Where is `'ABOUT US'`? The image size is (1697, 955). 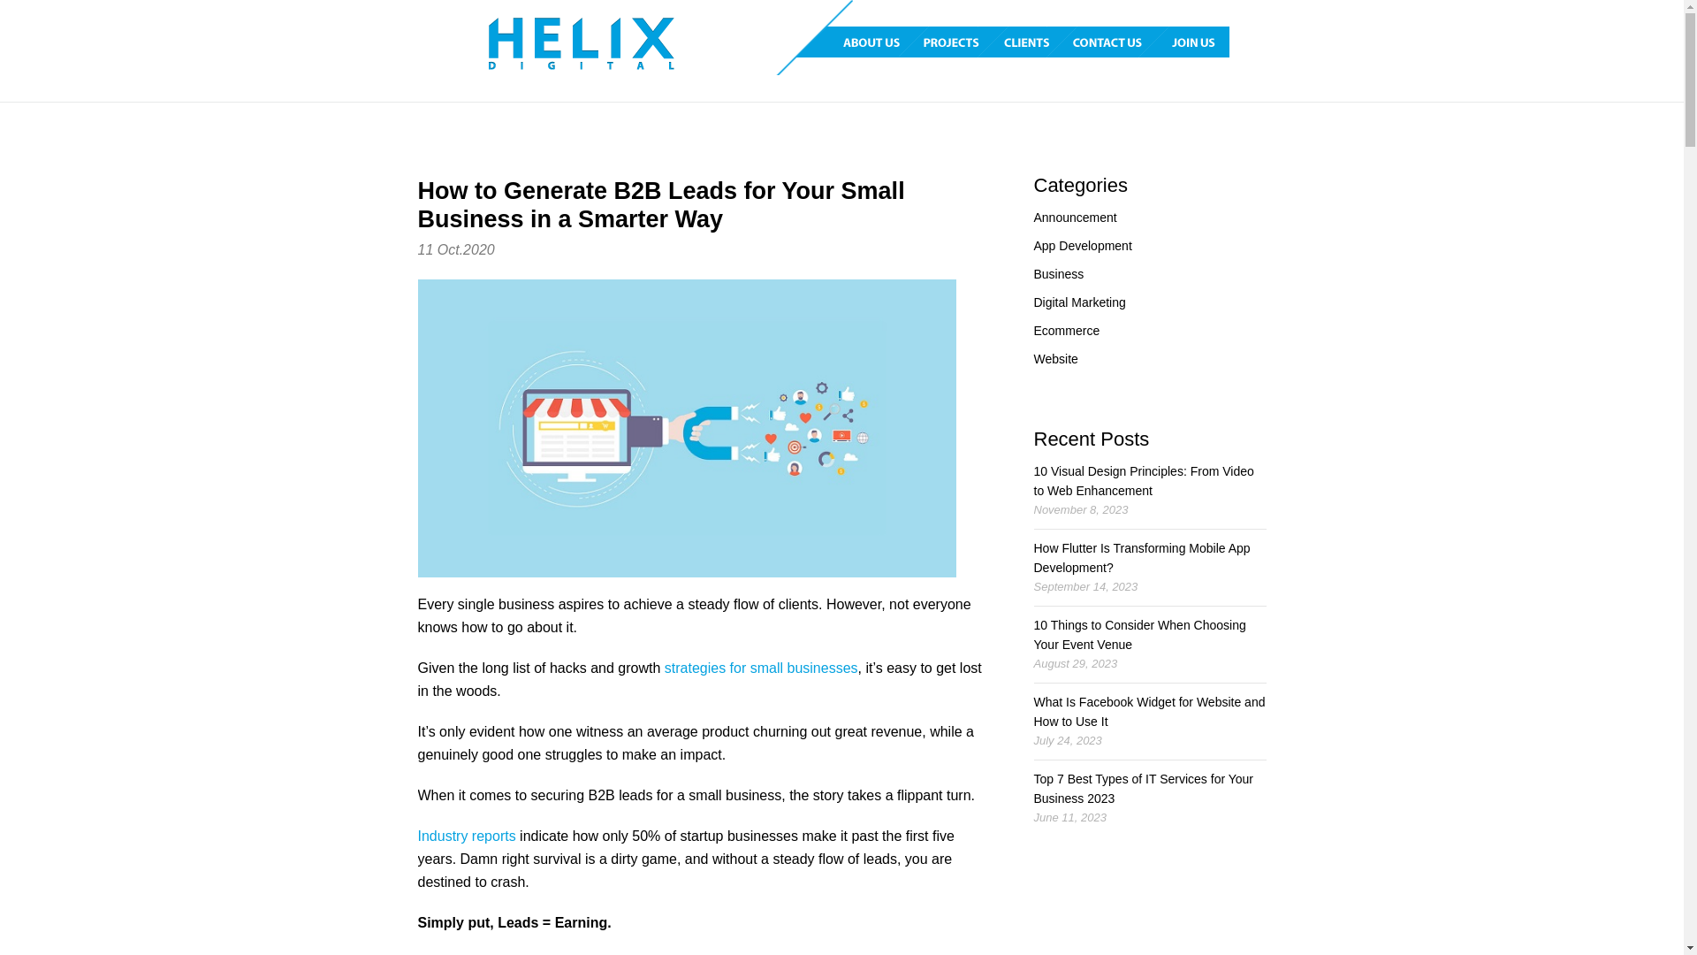
'ABOUT US' is located at coordinates (882, 42).